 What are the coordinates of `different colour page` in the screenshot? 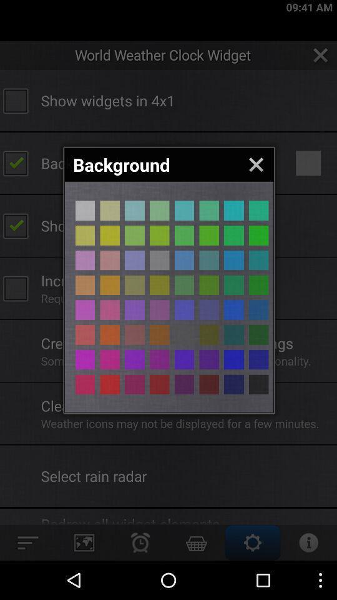 It's located at (209, 259).